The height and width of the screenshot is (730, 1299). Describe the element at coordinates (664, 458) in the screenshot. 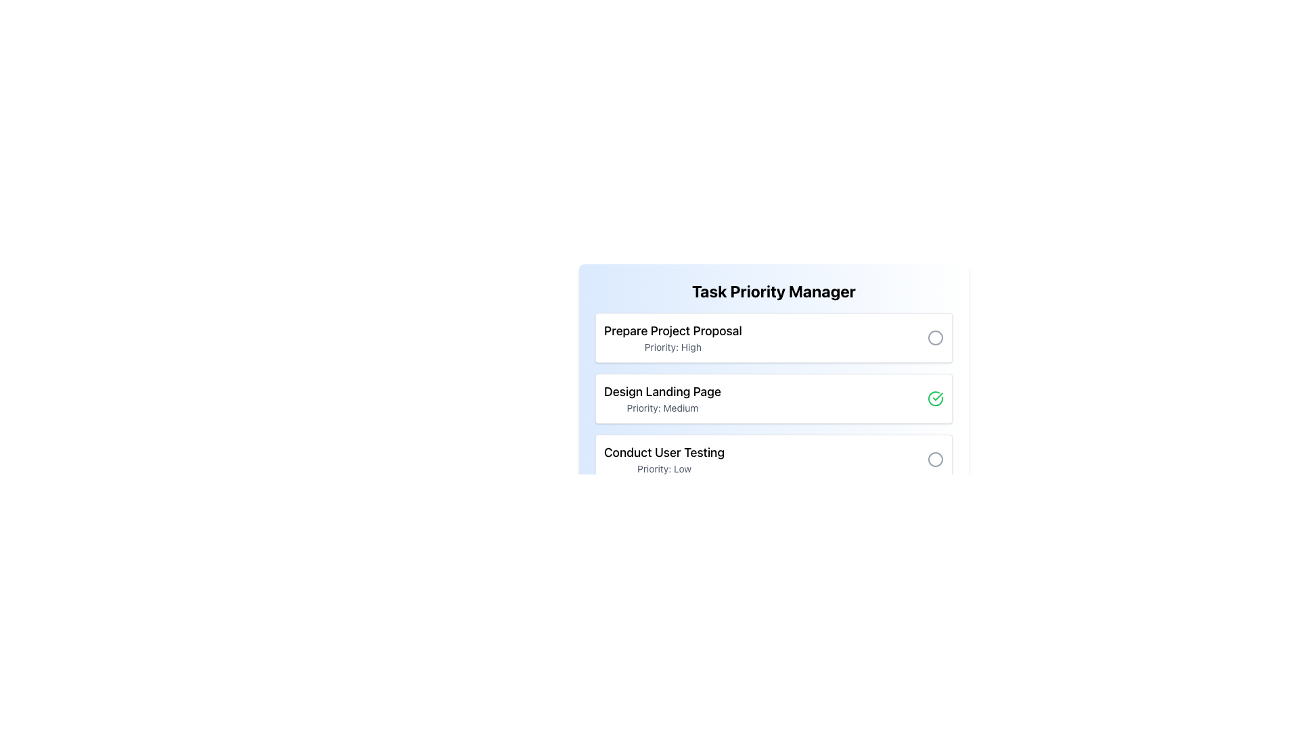

I see `text displayed in the Combined text display element, which includes 'Conduct User Testing' in a larger font and 'Priority: Low' in a smaller font beneath it, located within the third item of a vertically stacked list of tasks` at that location.